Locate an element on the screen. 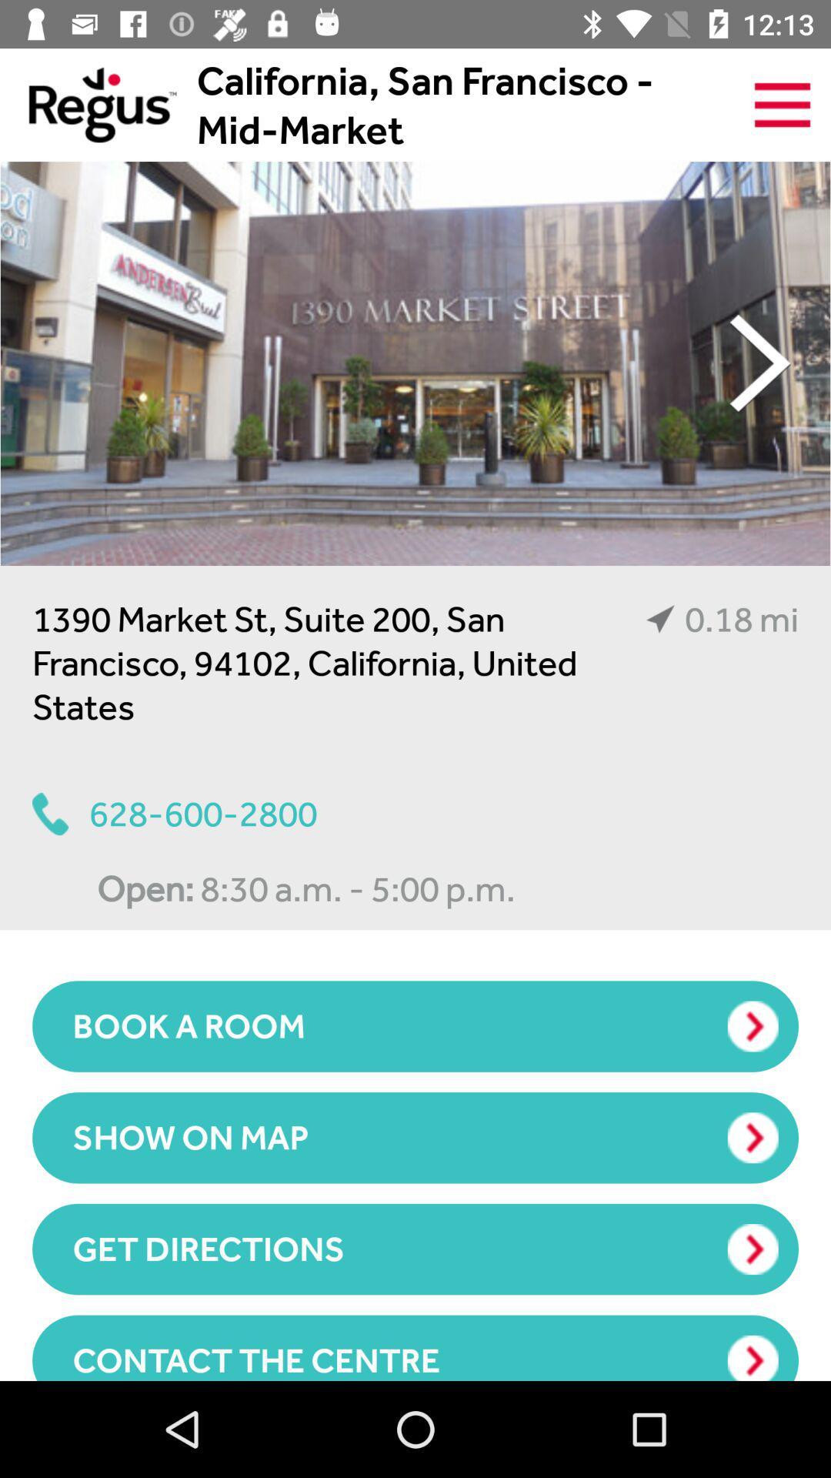  the icon to the right of the california san francisco item is located at coordinates (783, 104).